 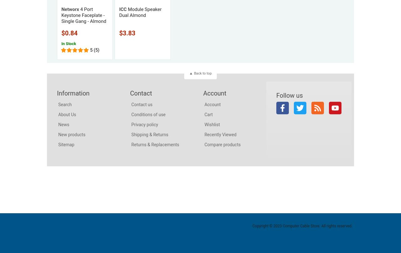 I want to click on 'Sitemap', so click(x=66, y=144).